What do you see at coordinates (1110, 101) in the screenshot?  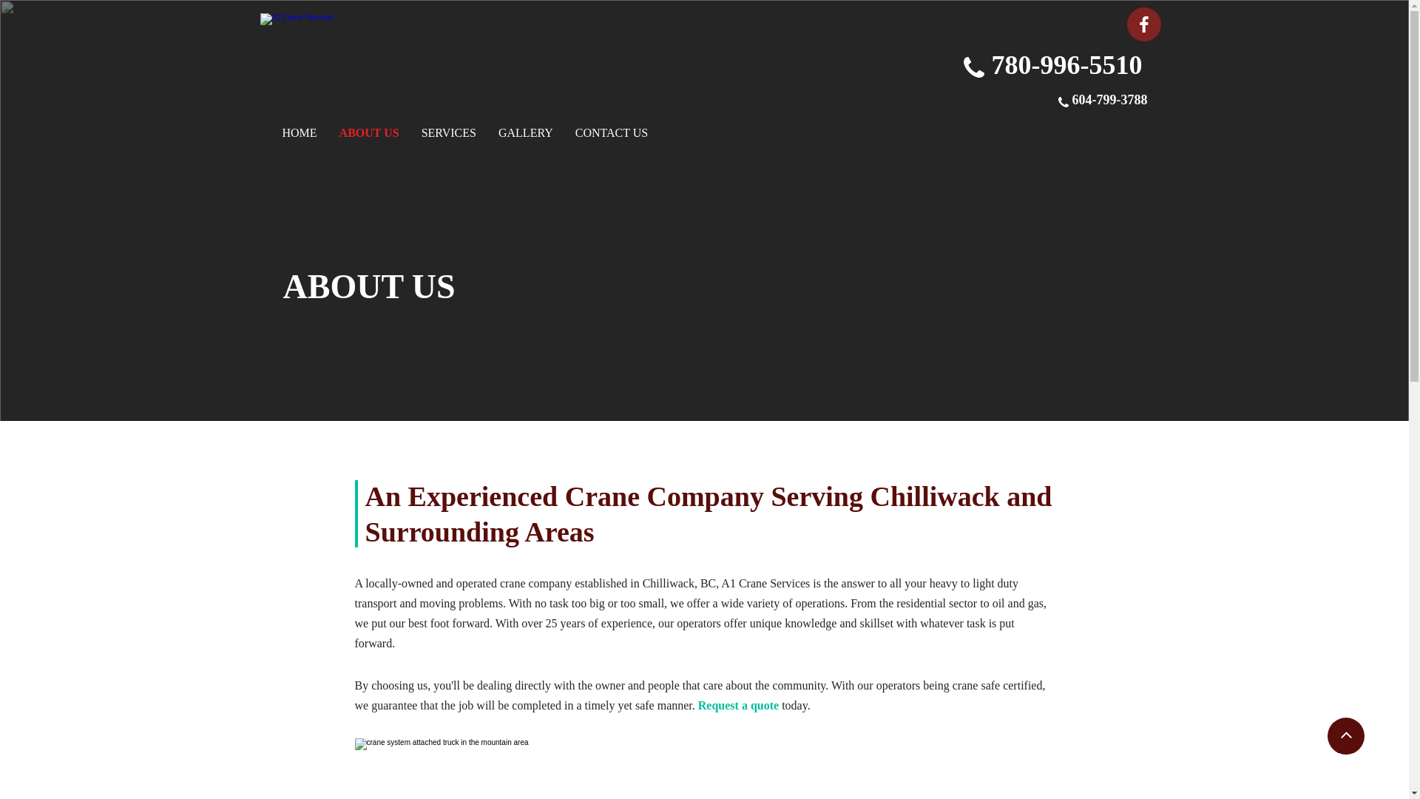 I see `'604-799-3788'` at bounding box center [1110, 101].